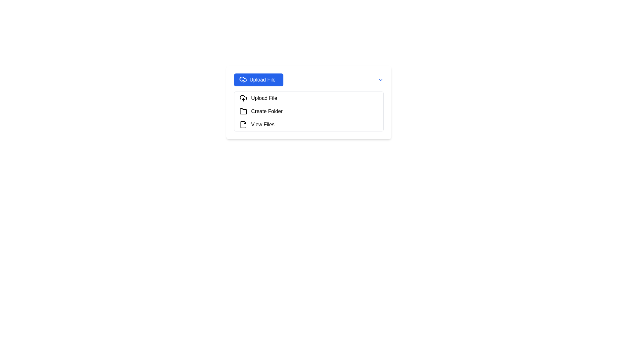 This screenshot has width=619, height=348. Describe the element at coordinates (262, 79) in the screenshot. I see `text 'Upload File' from the button label styled in white text against a blue background, located at the top-left region of the dropdown menu interface` at that location.